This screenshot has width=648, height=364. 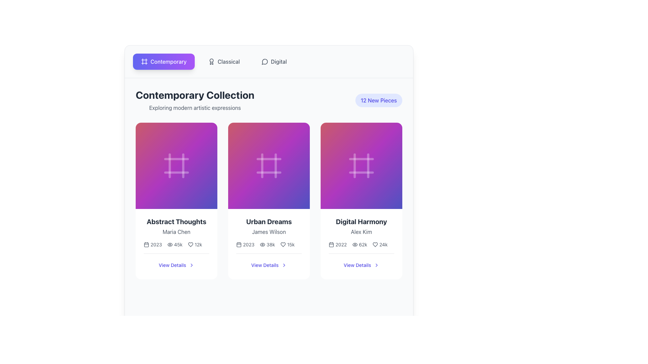 What do you see at coordinates (152, 244) in the screenshot?
I see `the static text element displaying the number '2023', which is styled in dark gray and associated with a calendar icon, located under the title 'Abstract Thoughts'` at bounding box center [152, 244].